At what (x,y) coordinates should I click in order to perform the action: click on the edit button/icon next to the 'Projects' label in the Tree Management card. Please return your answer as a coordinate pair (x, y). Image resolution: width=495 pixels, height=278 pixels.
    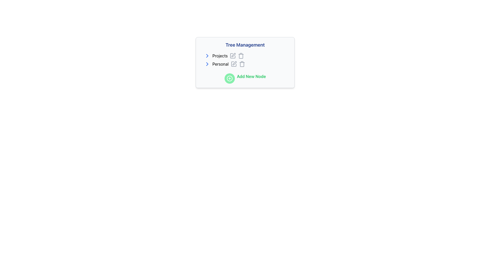
    Looking at the image, I should click on (233, 56).